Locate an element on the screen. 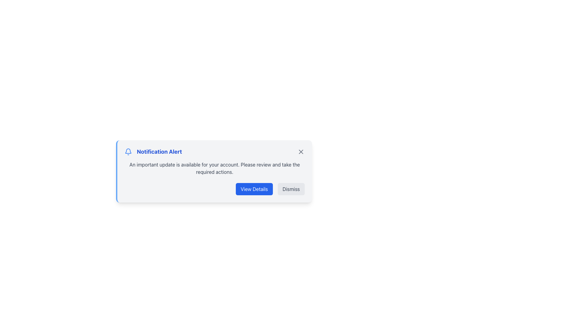 This screenshot has width=588, height=330. the dismiss button on the notification alert, which is positioned to the far right of the alert header containing a bell icon and the text 'Notification Alert' is located at coordinates (301, 152).